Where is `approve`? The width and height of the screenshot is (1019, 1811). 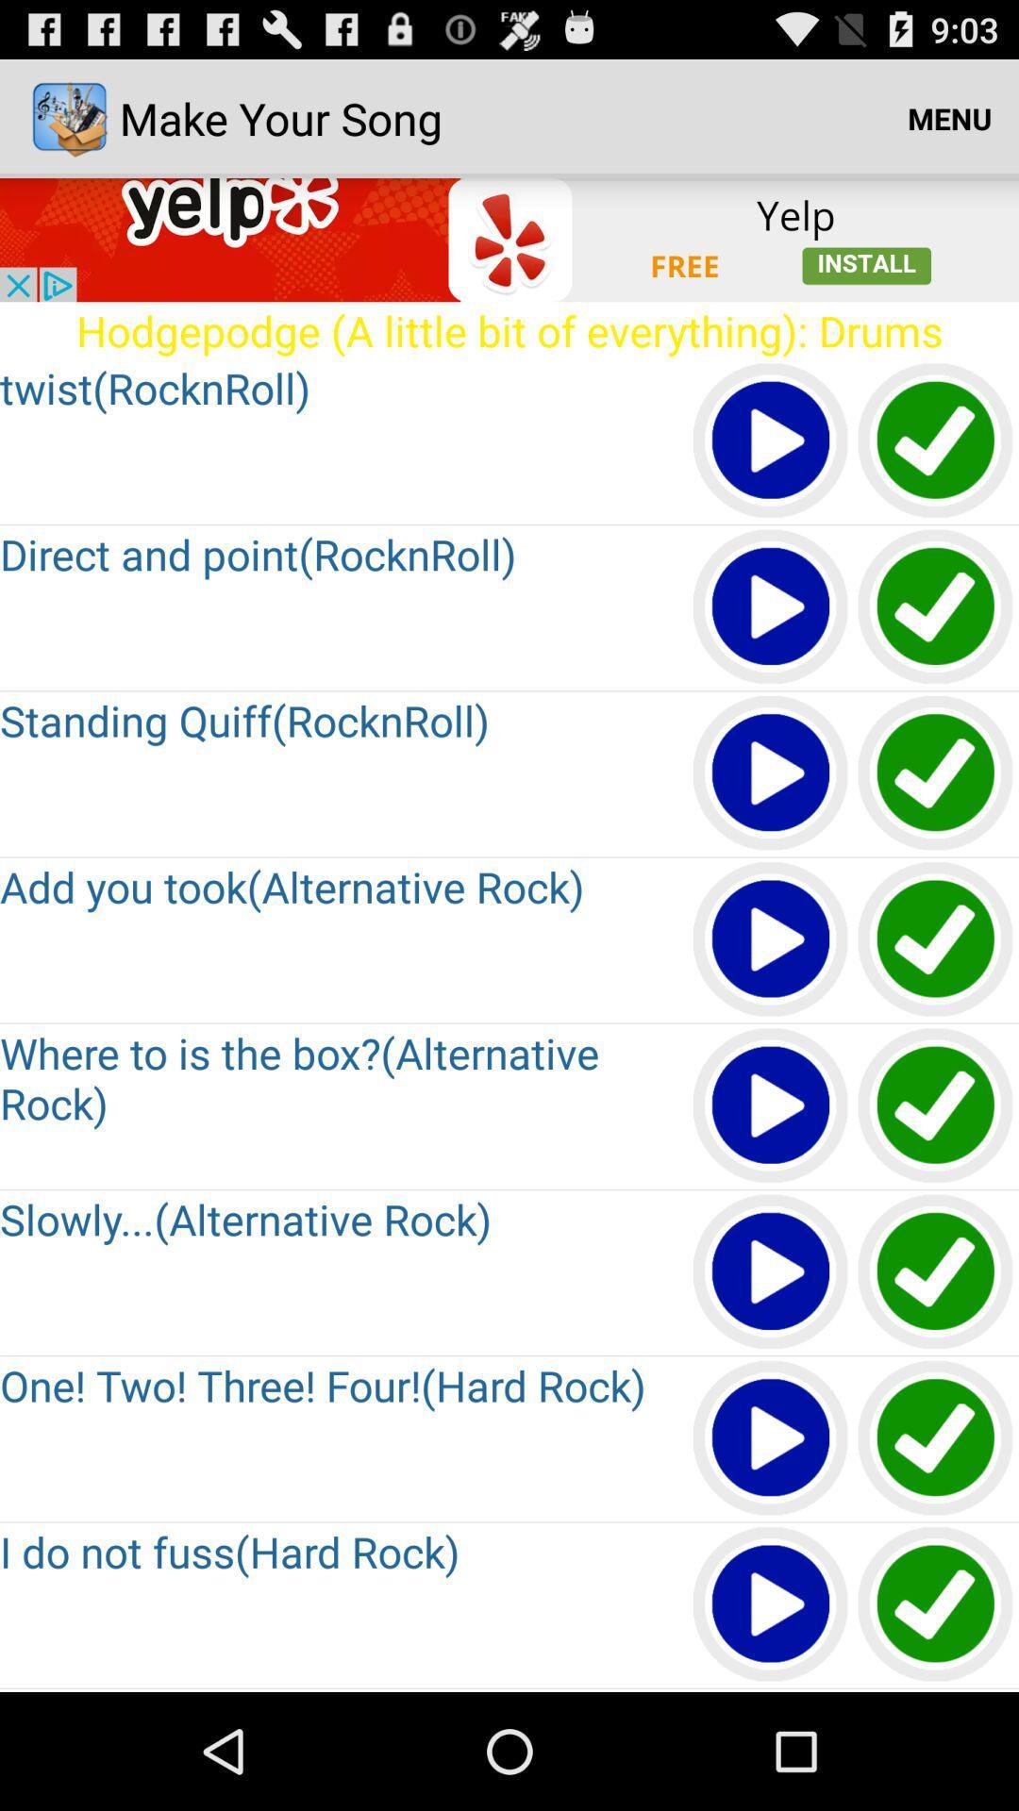
approve is located at coordinates (936, 607).